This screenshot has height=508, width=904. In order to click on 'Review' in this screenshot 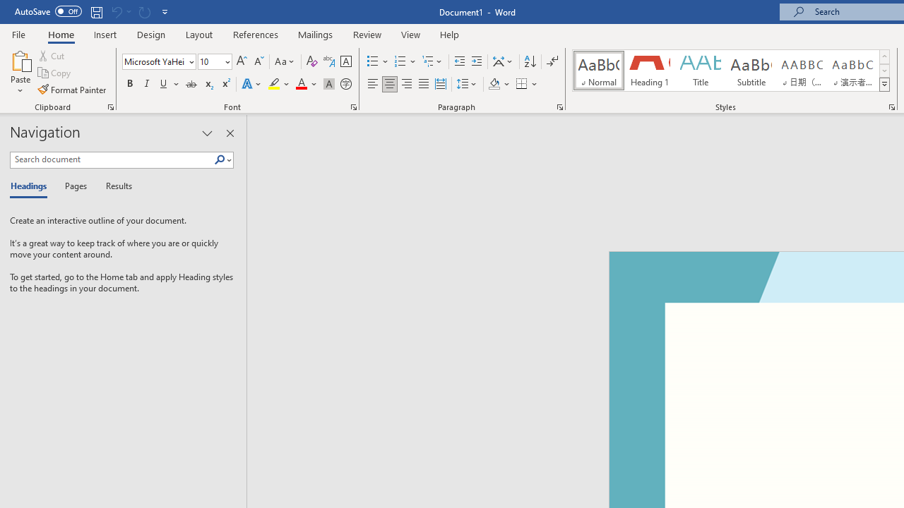, I will do `click(367, 34)`.